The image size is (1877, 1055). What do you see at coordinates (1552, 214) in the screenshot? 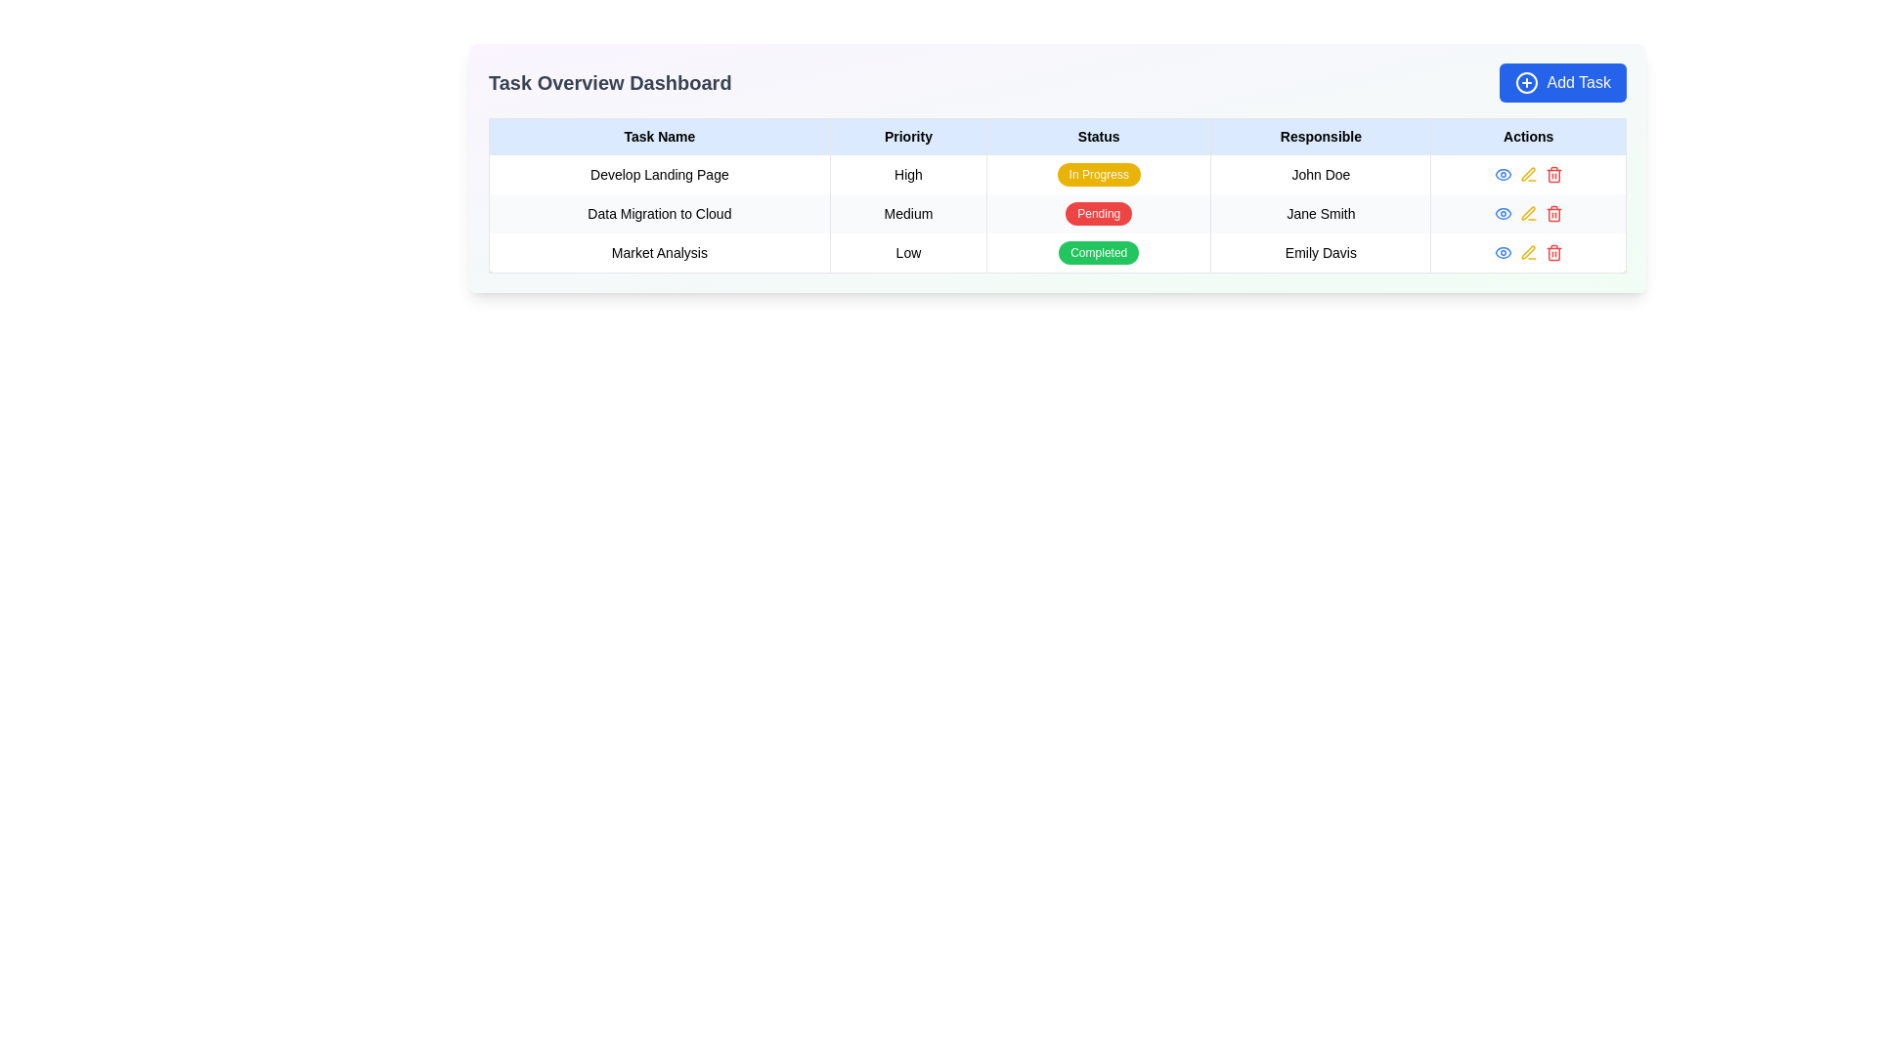
I see `the delete button with a trash bin icon located in the last column of the table row for the task 'Data Migration to Cloud'` at bounding box center [1552, 214].